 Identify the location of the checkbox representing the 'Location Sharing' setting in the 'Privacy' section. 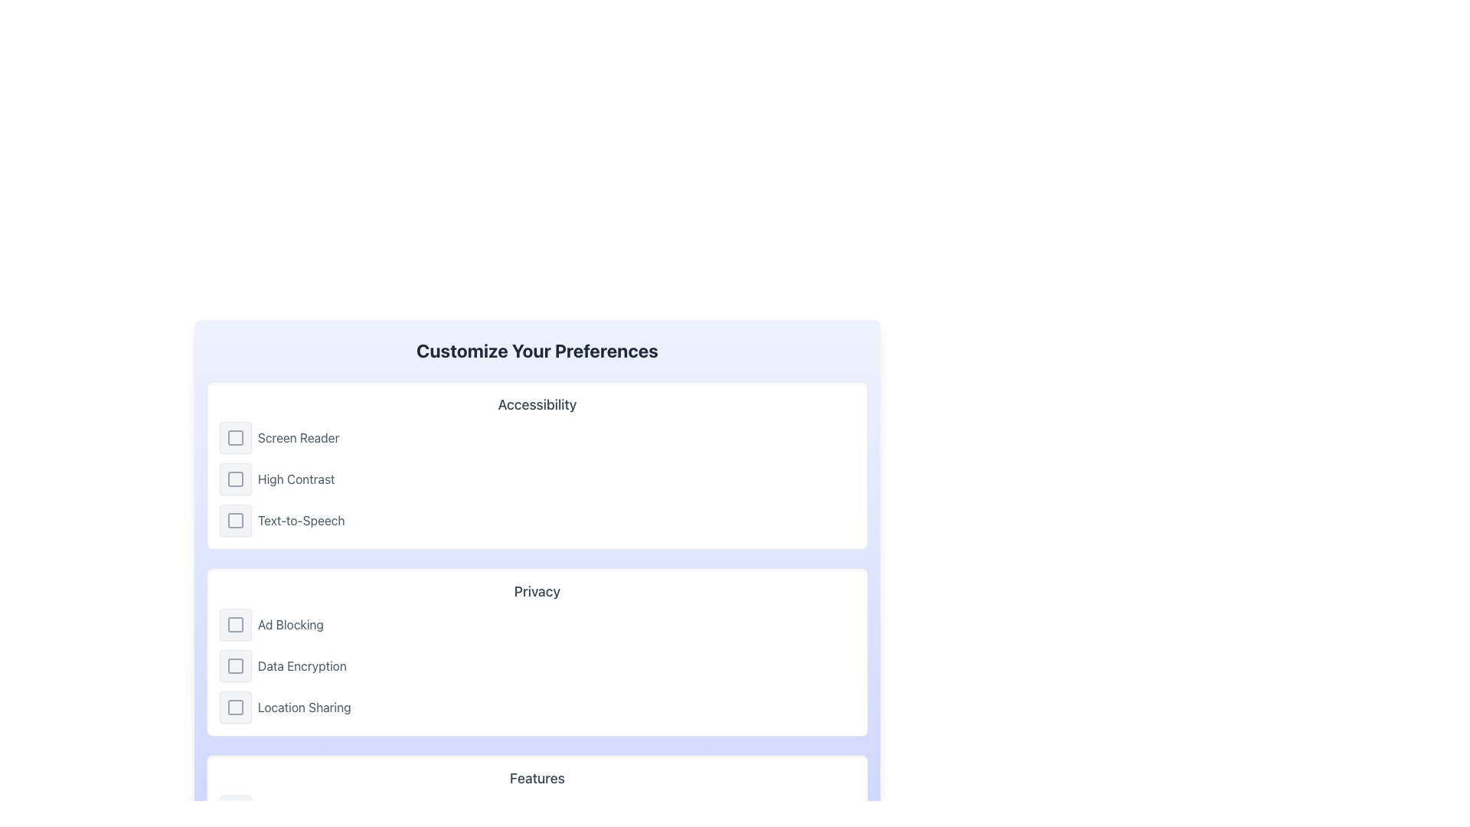
(234, 708).